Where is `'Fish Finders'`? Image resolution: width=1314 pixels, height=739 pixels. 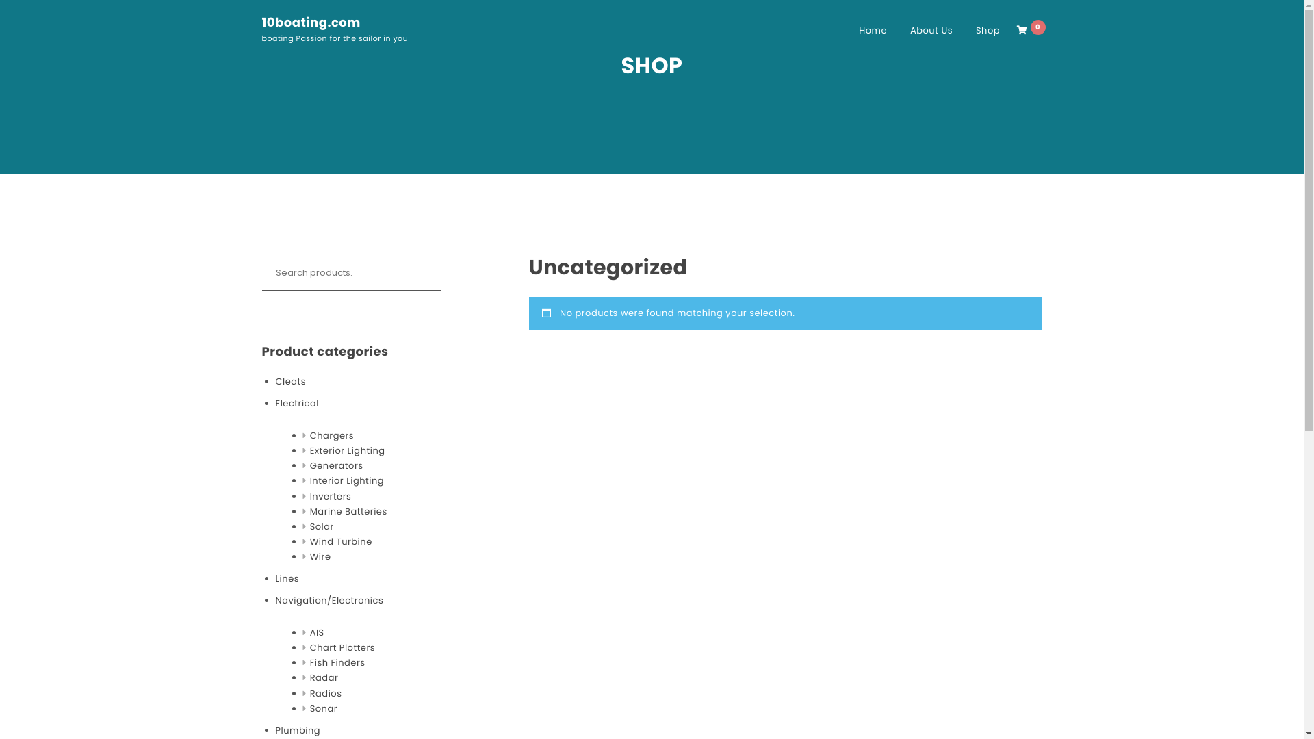
'Fish Finders' is located at coordinates (337, 662).